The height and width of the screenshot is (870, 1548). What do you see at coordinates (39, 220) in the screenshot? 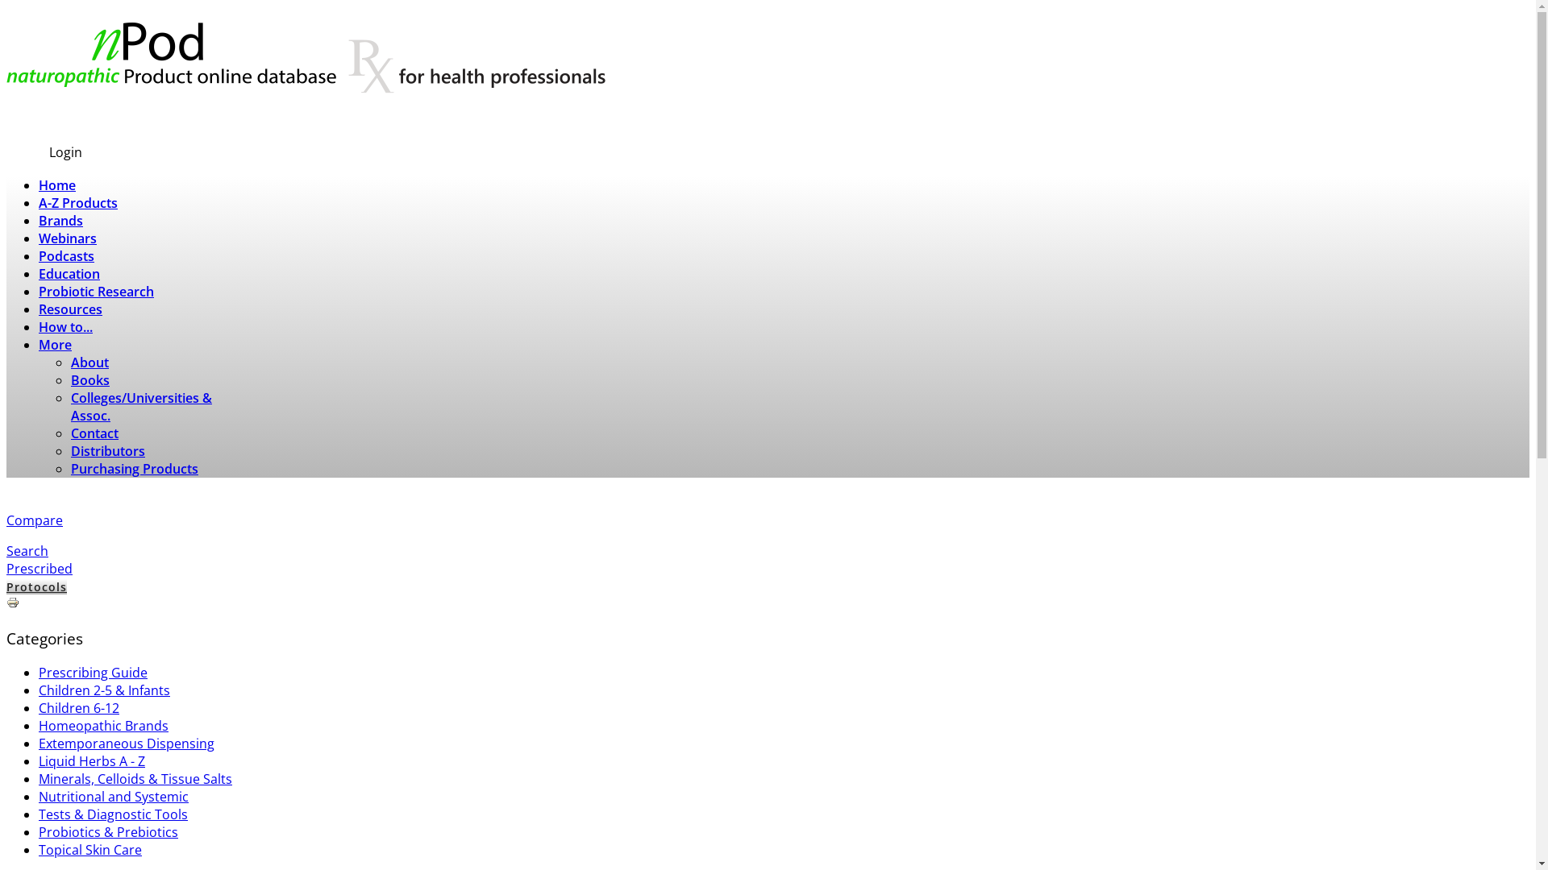
I see `'Brands'` at bounding box center [39, 220].